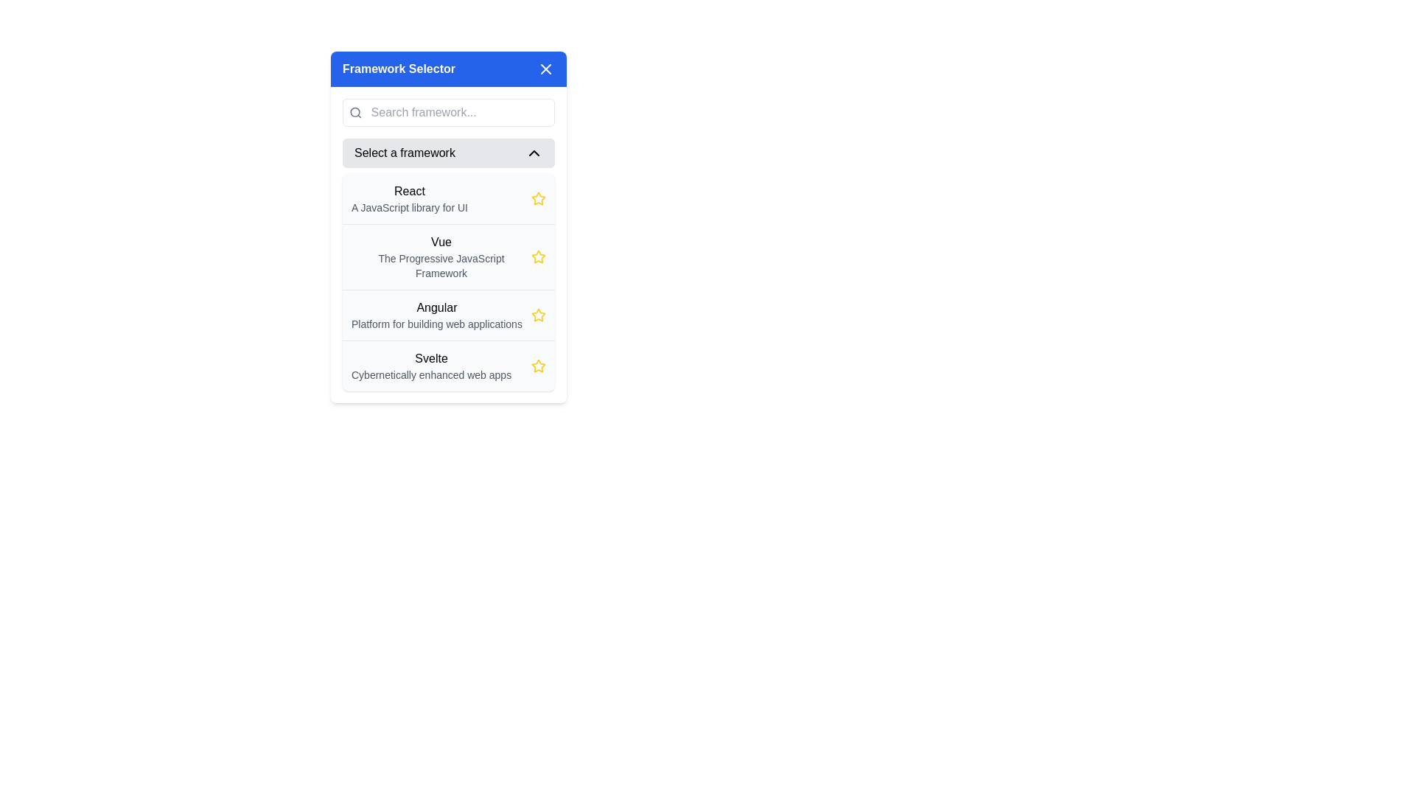 The height and width of the screenshot is (796, 1415). I want to click on visually on the title text label for the 'Framework Selector' menu, so click(436, 307).